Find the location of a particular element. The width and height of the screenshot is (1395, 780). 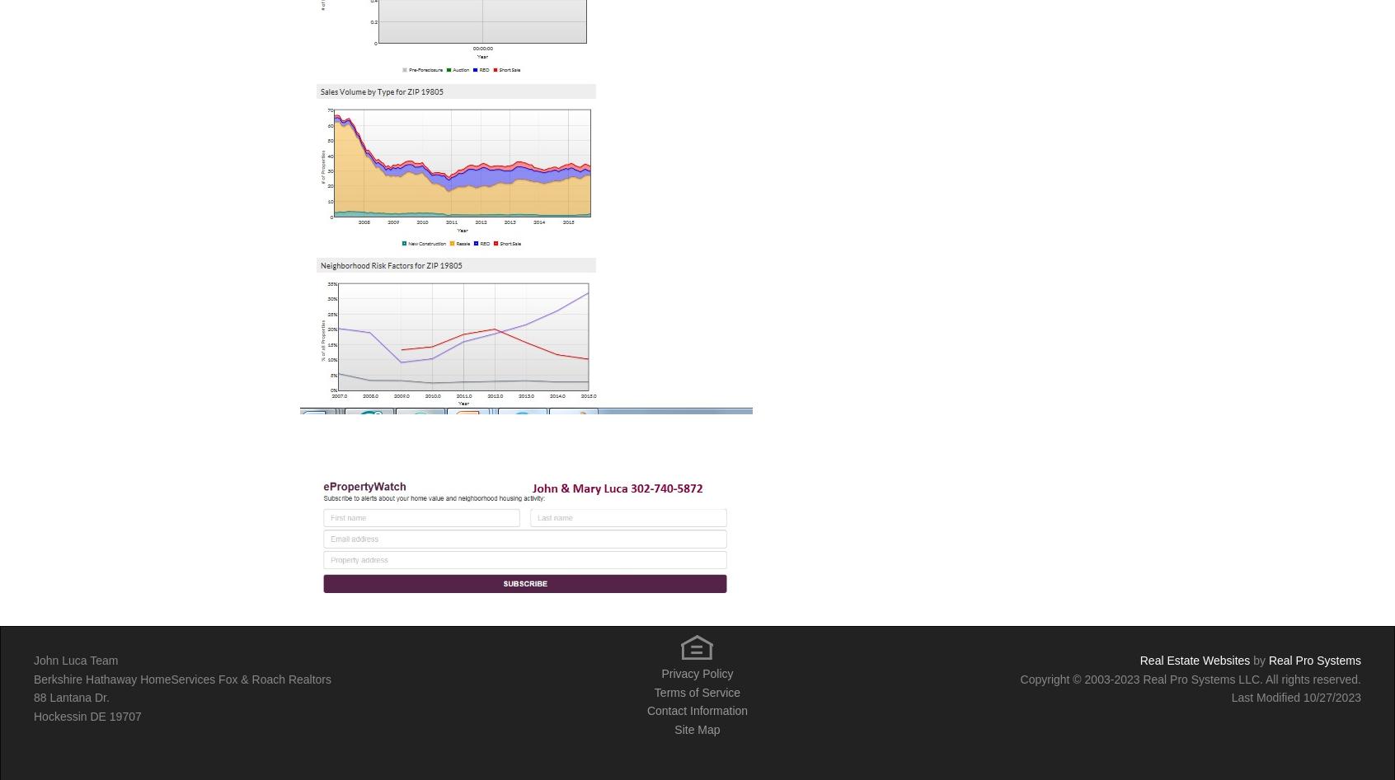

'Hockessin' is located at coordinates (61, 714).